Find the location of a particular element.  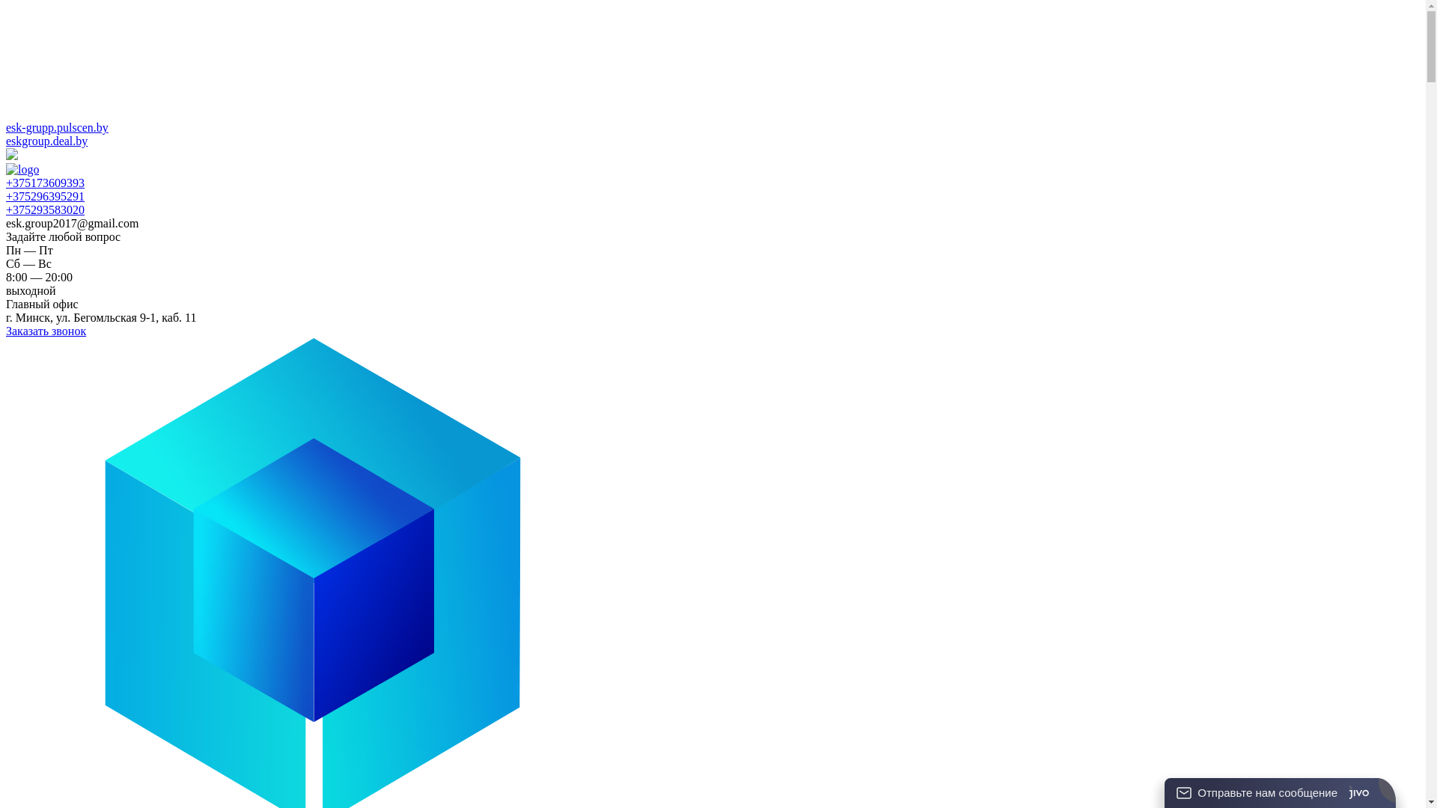

'+375293583020' is located at coordinates (45, 209).